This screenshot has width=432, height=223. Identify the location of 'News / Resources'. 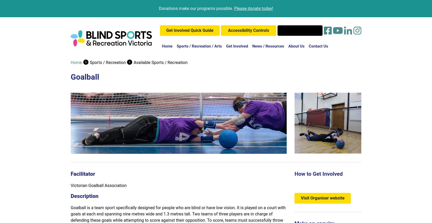
(268, 46).